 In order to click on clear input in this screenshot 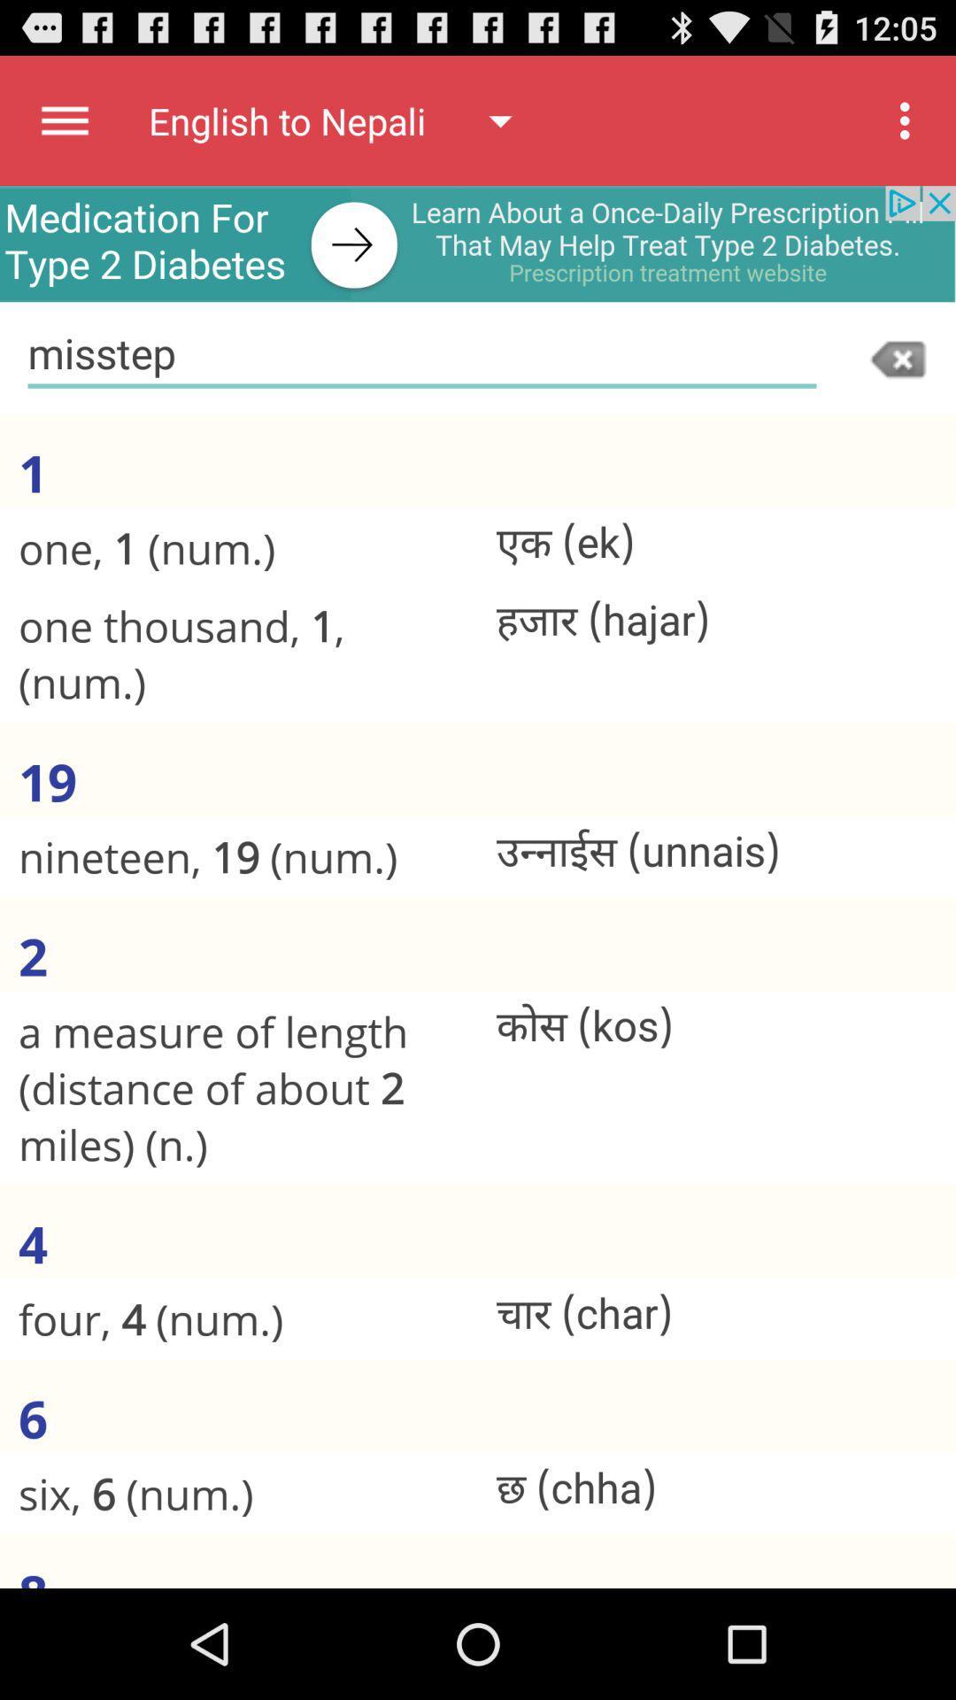, I will do `click(900, 357)`.